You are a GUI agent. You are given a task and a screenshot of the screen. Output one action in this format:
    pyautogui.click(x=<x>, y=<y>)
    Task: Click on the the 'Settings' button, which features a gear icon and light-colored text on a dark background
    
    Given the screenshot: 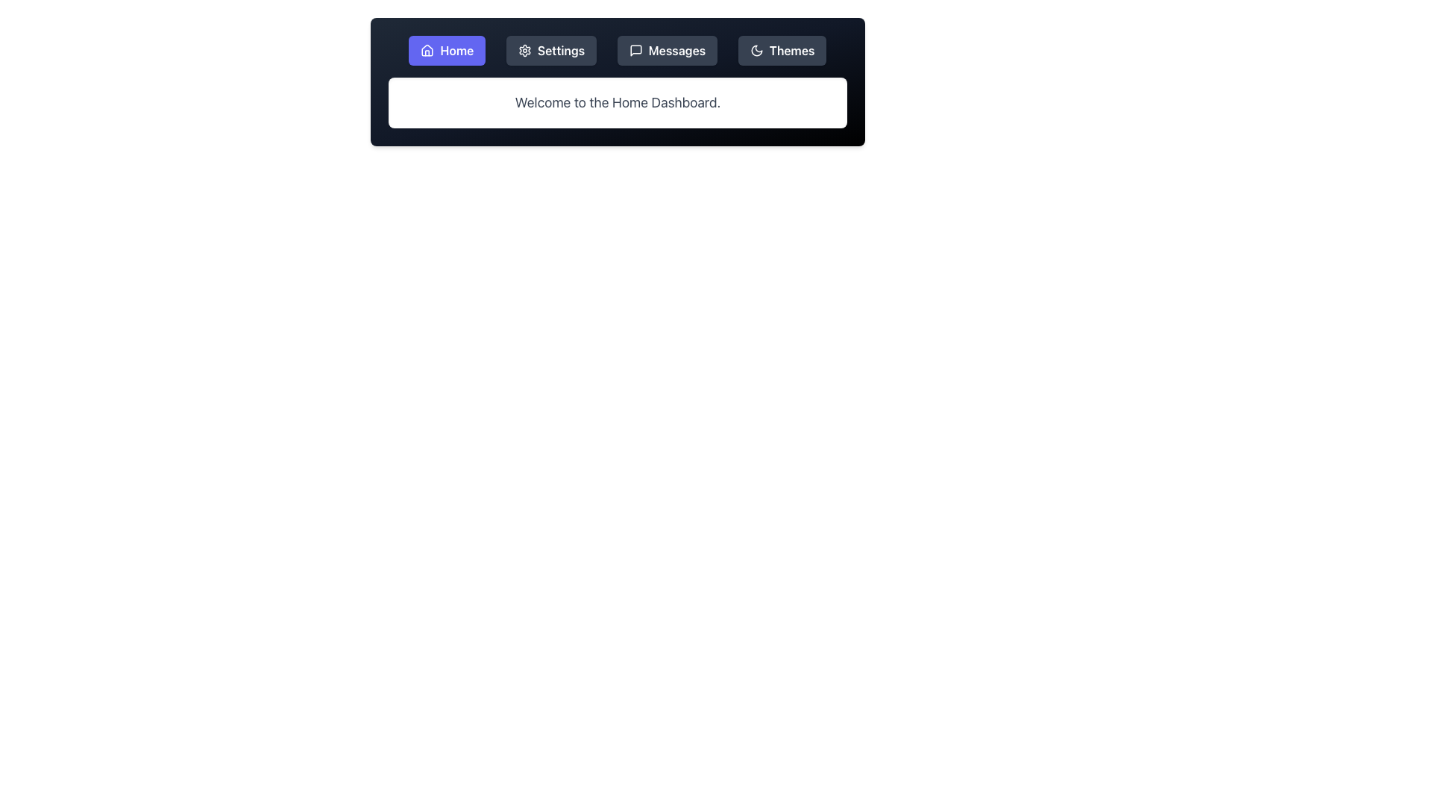 What is the action you would take?
    pyautogui.click(x=550, y=50)
    